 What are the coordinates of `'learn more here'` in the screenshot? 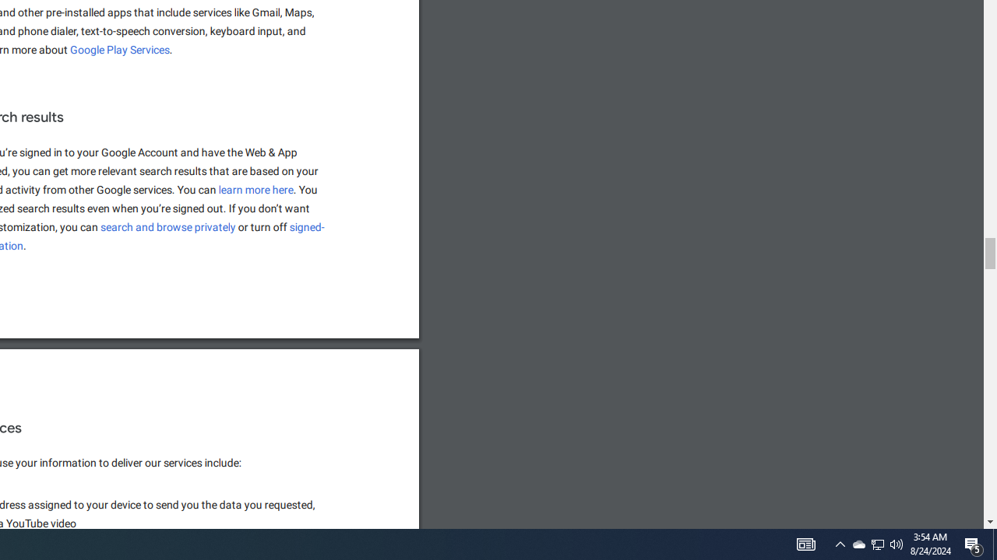 It's located at (256, 189).